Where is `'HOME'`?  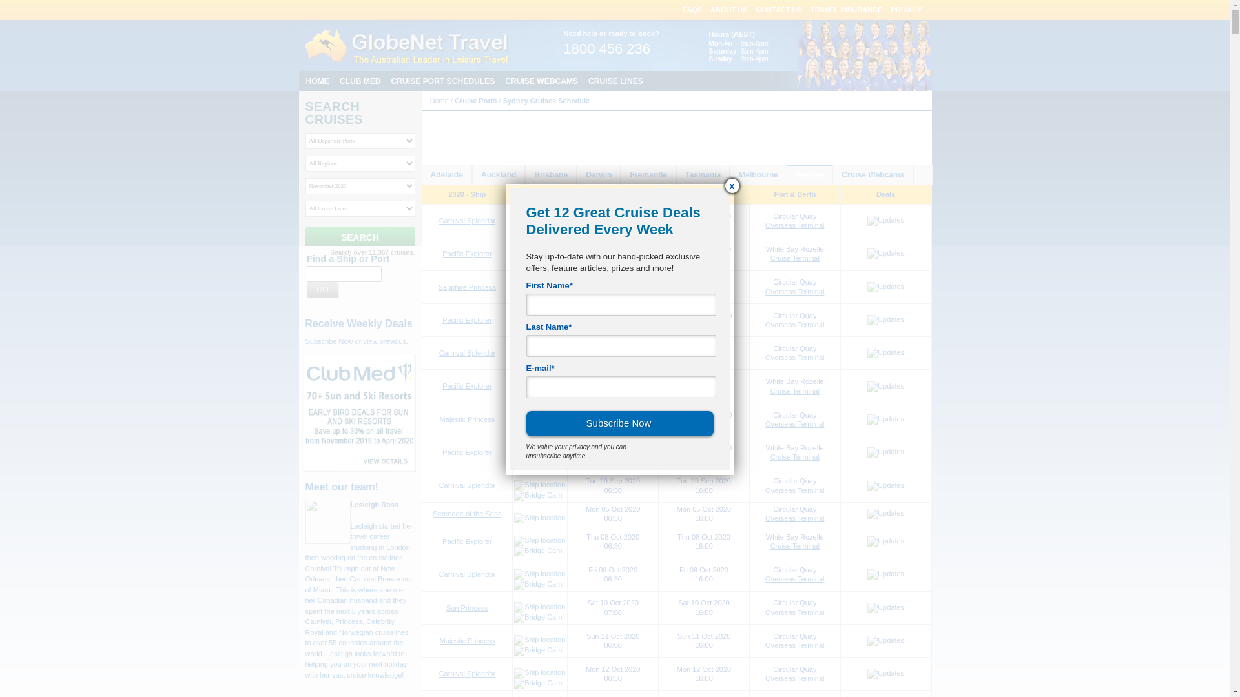
'HOME' is located at coordinates (317, 81).